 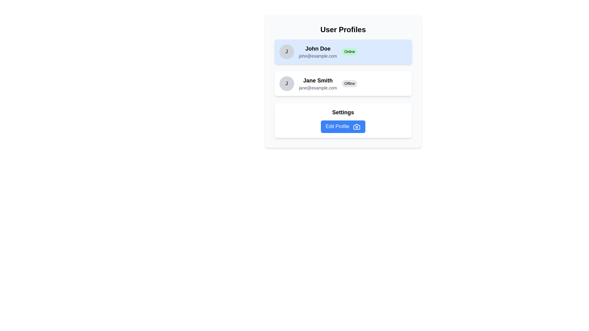 I want to click on the 'Edit Profile' button with a blue background and white text, located in the 'Settings' section below the 'Settings' label, so click(x=343, y=126).